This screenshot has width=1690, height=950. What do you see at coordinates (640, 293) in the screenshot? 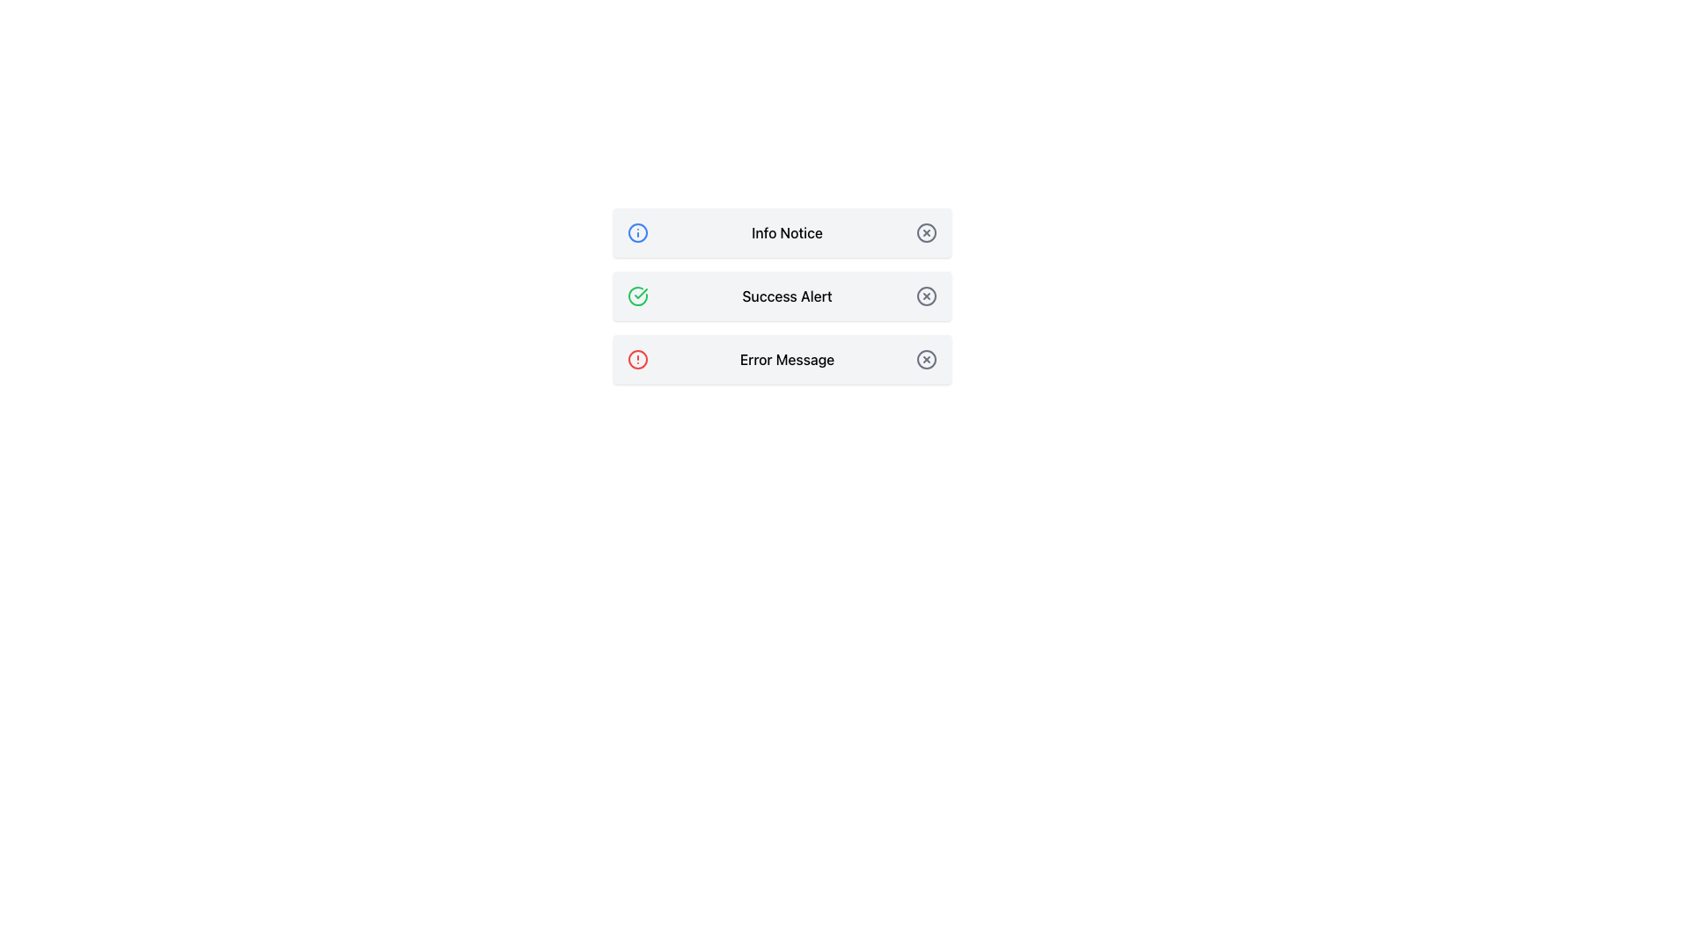
I see `an accessibility tool` at bounding box center [640, 293].